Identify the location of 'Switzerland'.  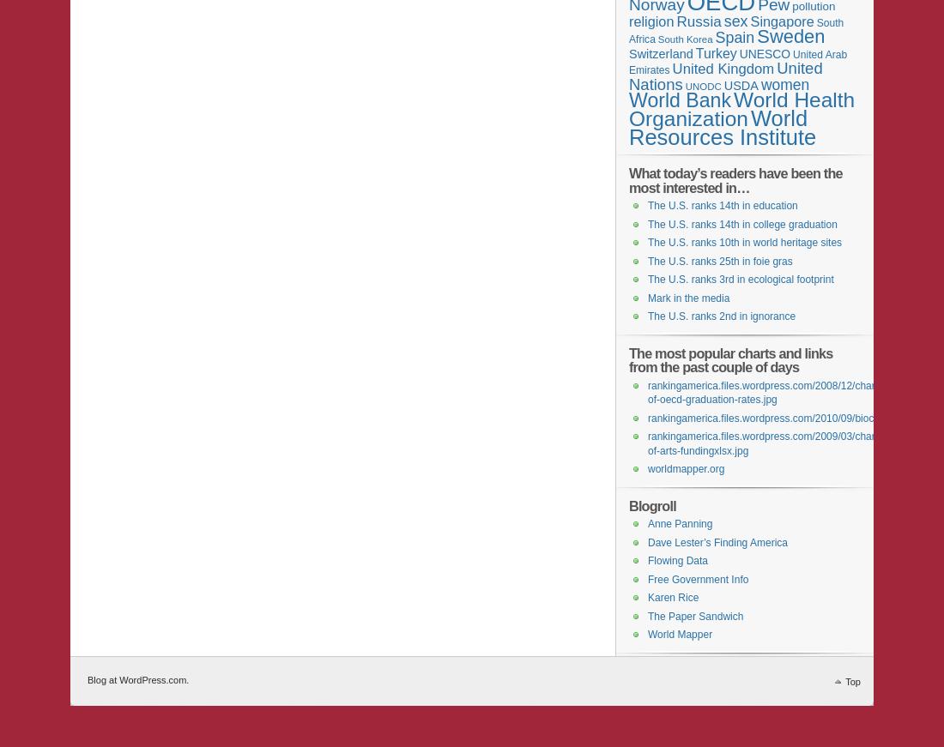
(661, 52).